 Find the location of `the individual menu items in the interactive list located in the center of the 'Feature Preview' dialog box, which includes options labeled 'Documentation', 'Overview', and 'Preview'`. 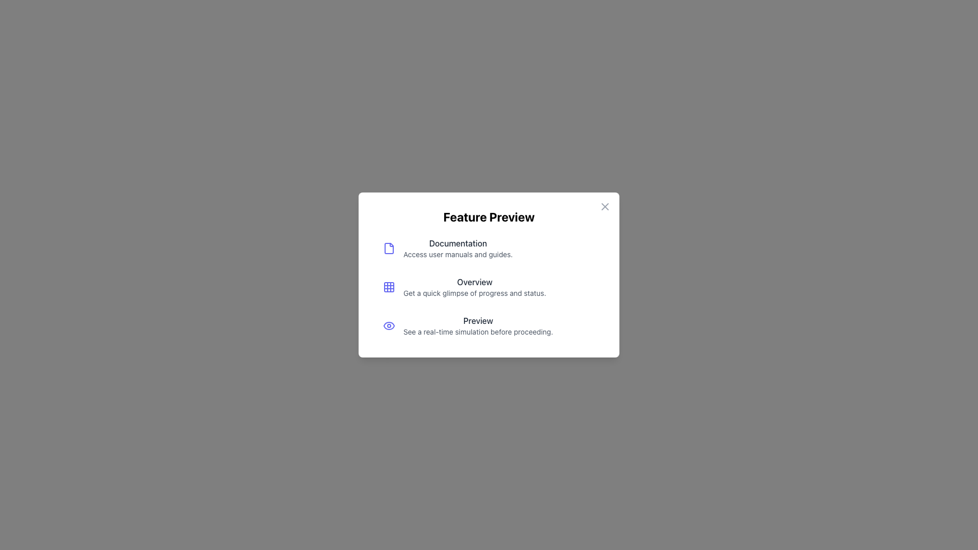

the individual menu items in the interactive list located in the center of the 'Feature Preview' dialog box, which includes options labeled 'Documentation', 'Overview', and 'Preview' is located at coordinates (489, 287).